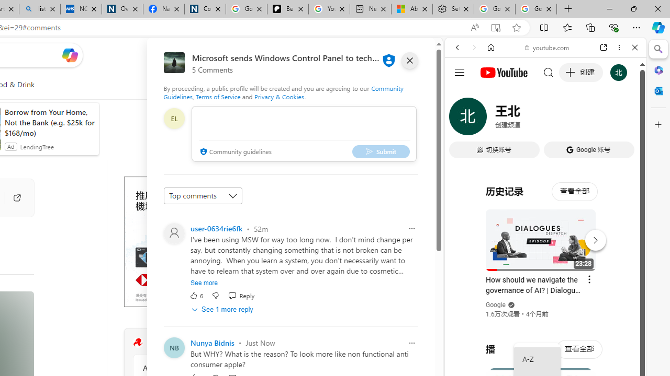 The width and height of the screenshot is (670, 376). I want to click on 'Be Smart | creating Science videos | Patreon', so click(287, 9).